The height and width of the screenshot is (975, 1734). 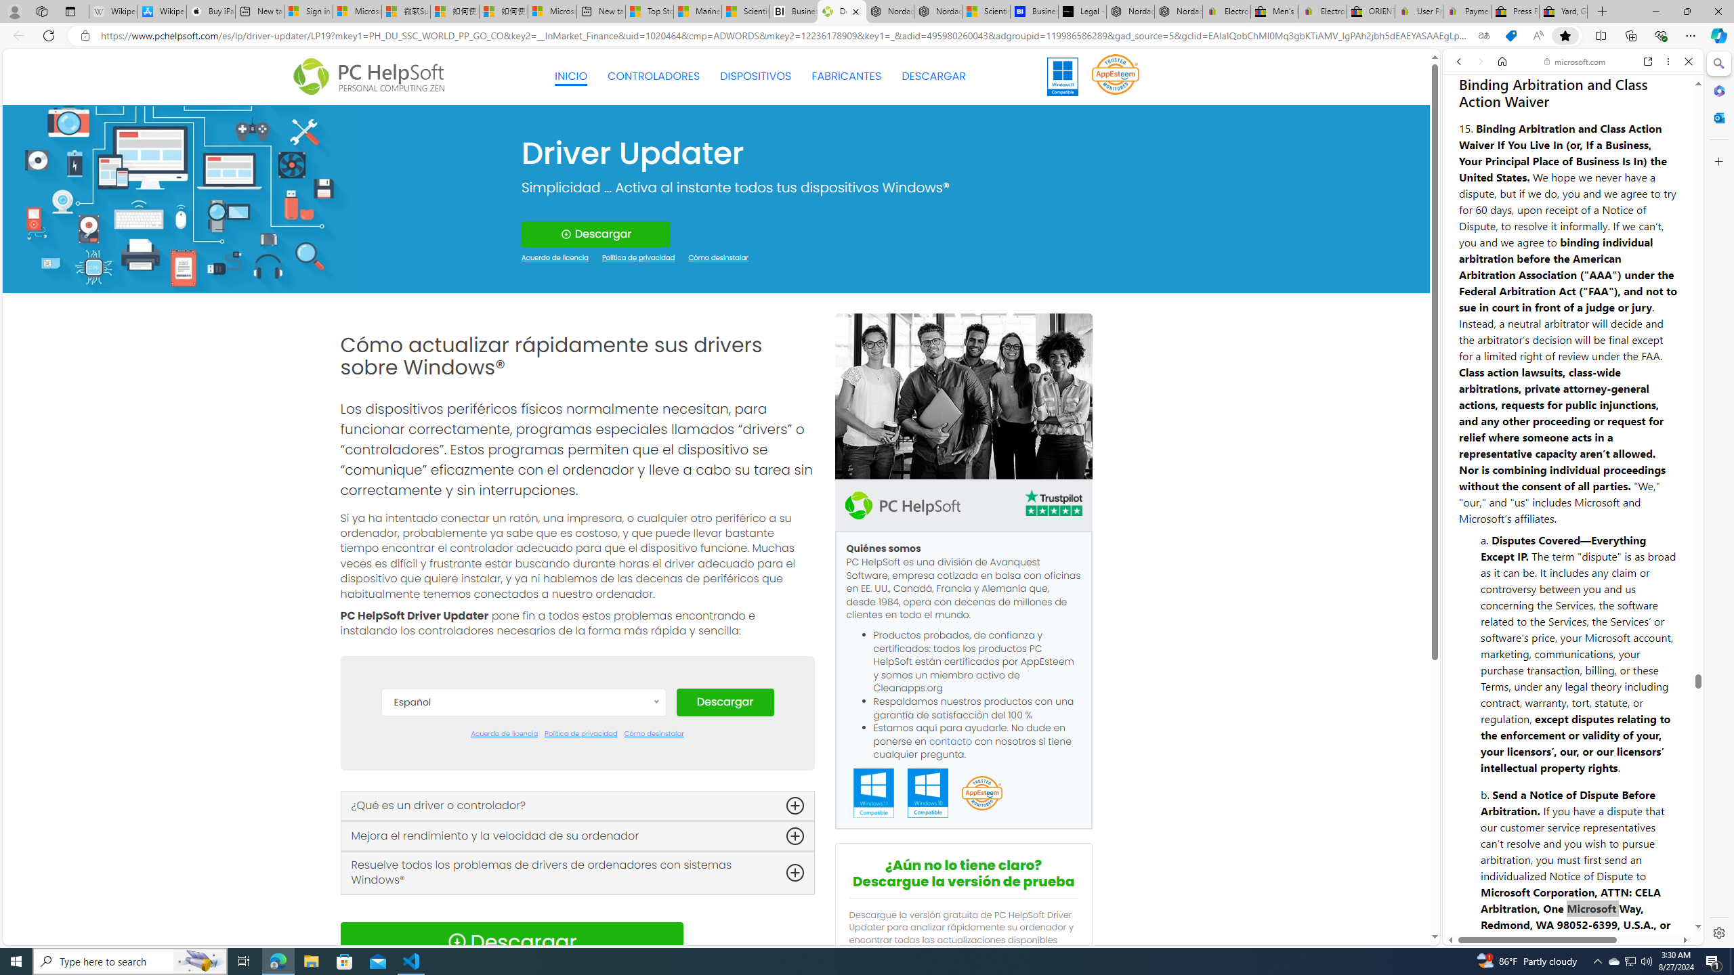 What do you see at coordinates (980, 793) in the screenshot?
I see `'App Esteem'` at bounding box center [980, 793].